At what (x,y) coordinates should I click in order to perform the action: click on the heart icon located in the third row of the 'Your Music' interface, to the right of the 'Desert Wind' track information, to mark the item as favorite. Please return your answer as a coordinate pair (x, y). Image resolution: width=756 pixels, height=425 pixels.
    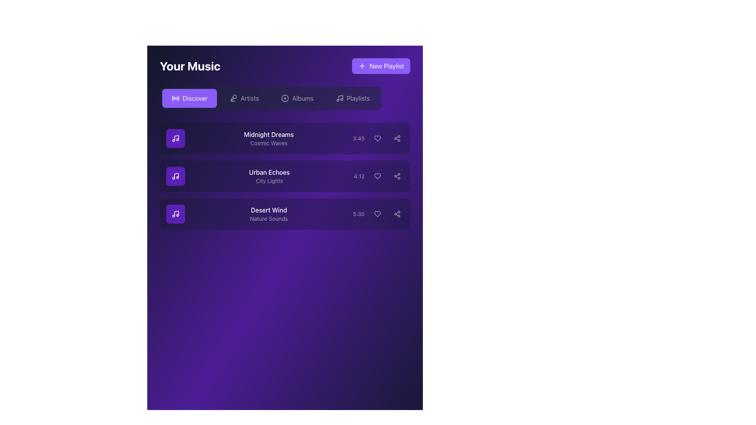
    Looking at the image, I should click on (377, 214).